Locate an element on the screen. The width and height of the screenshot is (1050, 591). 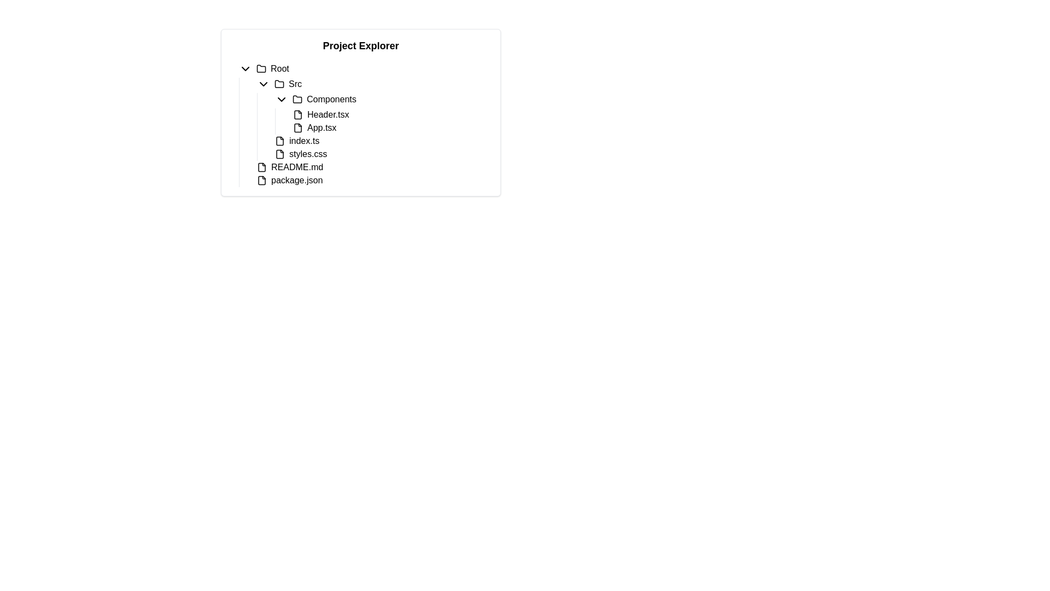
the text label displaying 'App.tsx' located is located at coordinates (321, 128).